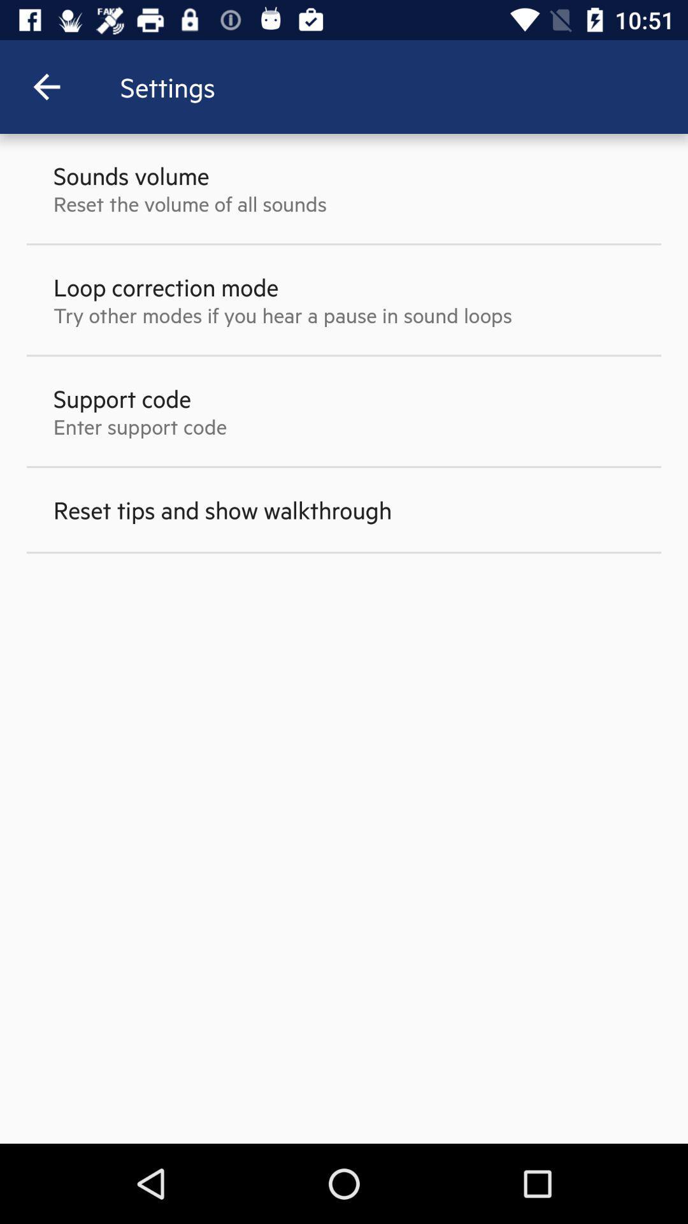 The width and height of the screenshot is (688, 1224). Describe the element at coordinates (282, 315) in the screenshot. I see `item below the loop correction mode item` at that location.